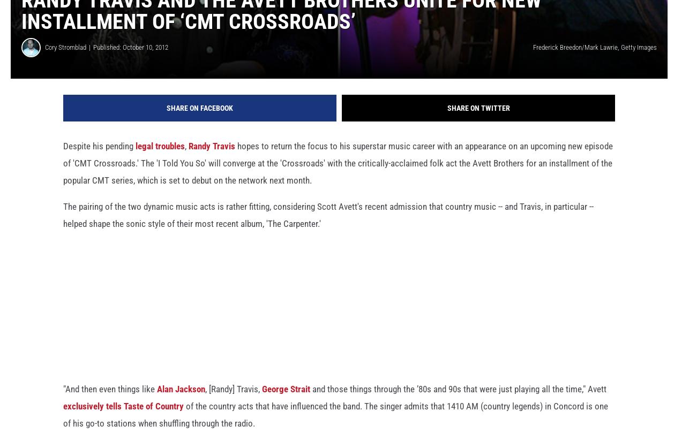 The width and height of the screenshot is (689, 441). I want to click on '"And then even things like', so click(110, 398).